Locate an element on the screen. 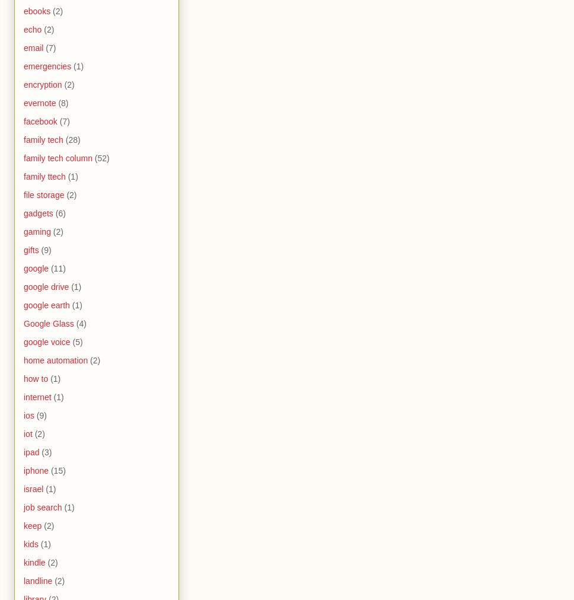 This screenshot has width=574, height=600. 'encryption' is located at coordinates (23, 84).